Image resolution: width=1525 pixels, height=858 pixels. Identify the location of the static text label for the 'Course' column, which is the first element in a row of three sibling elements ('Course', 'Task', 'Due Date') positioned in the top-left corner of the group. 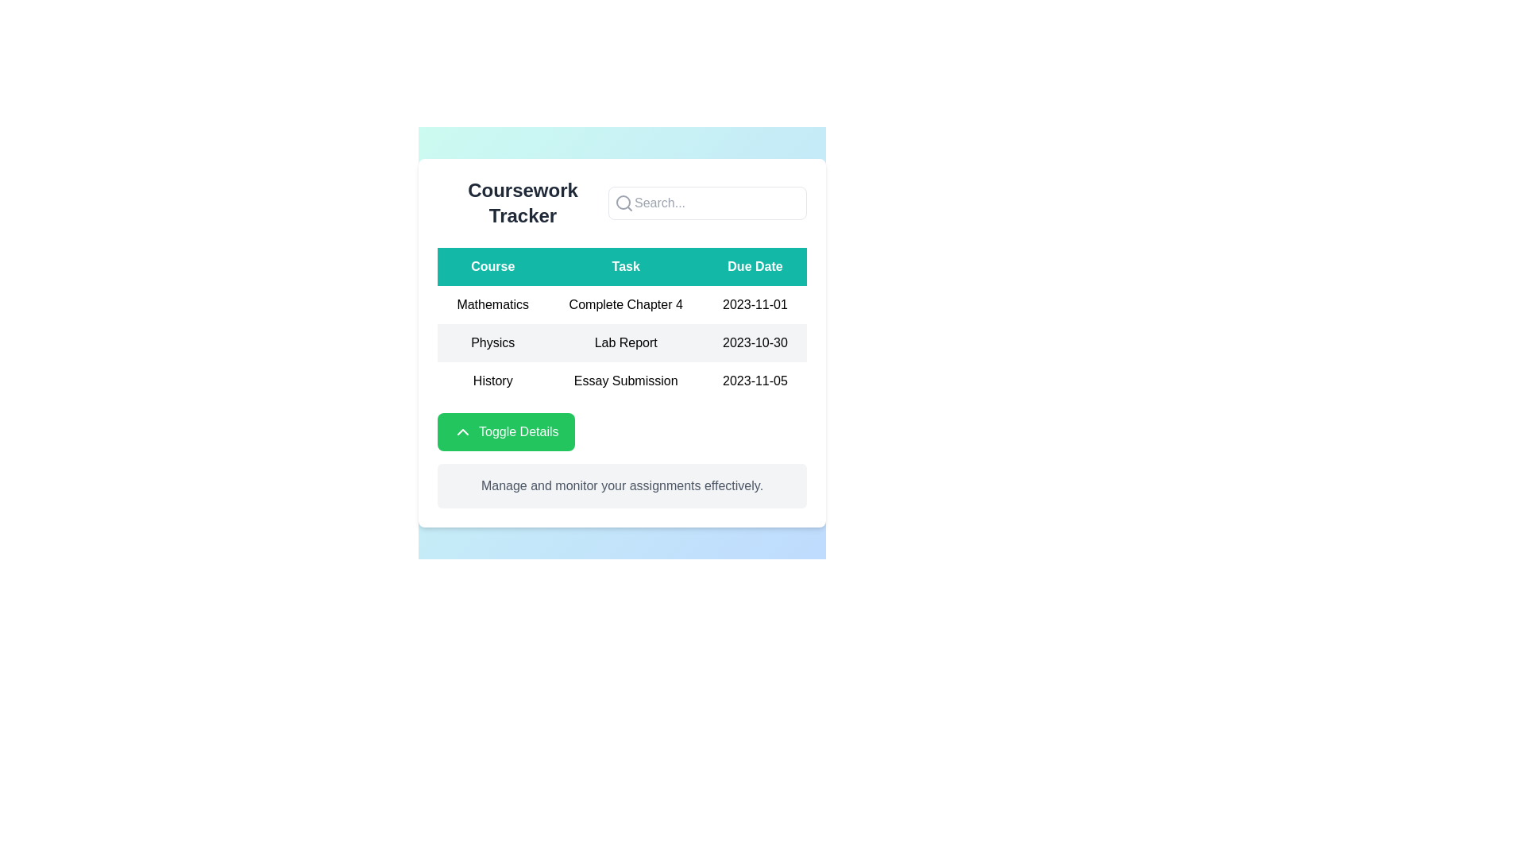
(492, 265).